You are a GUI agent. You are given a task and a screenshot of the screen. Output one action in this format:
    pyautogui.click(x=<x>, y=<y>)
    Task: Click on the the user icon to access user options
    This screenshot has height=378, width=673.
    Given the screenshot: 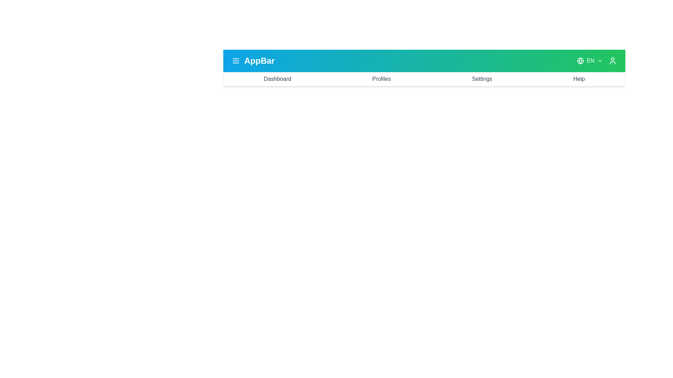 What is the action you would take?
    pyautogui.click(x=612, y=60)
    